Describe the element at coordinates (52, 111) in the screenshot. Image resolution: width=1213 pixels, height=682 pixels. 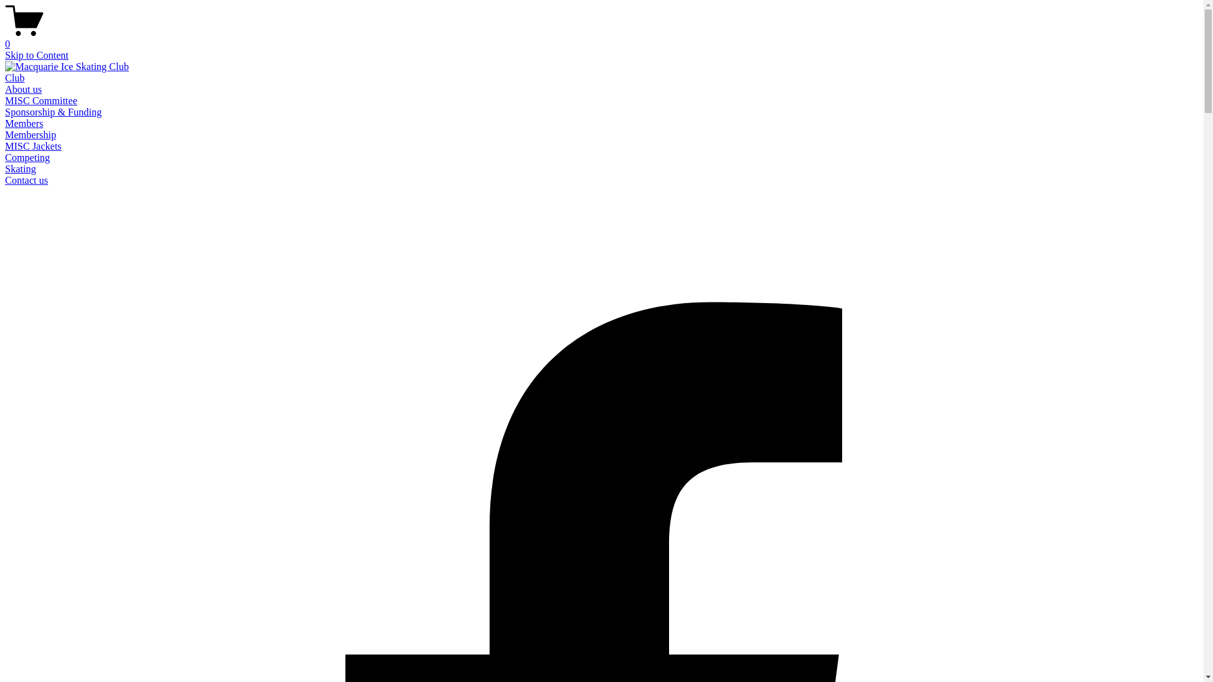
I see `'Sponsorship & Funding'` at that location.